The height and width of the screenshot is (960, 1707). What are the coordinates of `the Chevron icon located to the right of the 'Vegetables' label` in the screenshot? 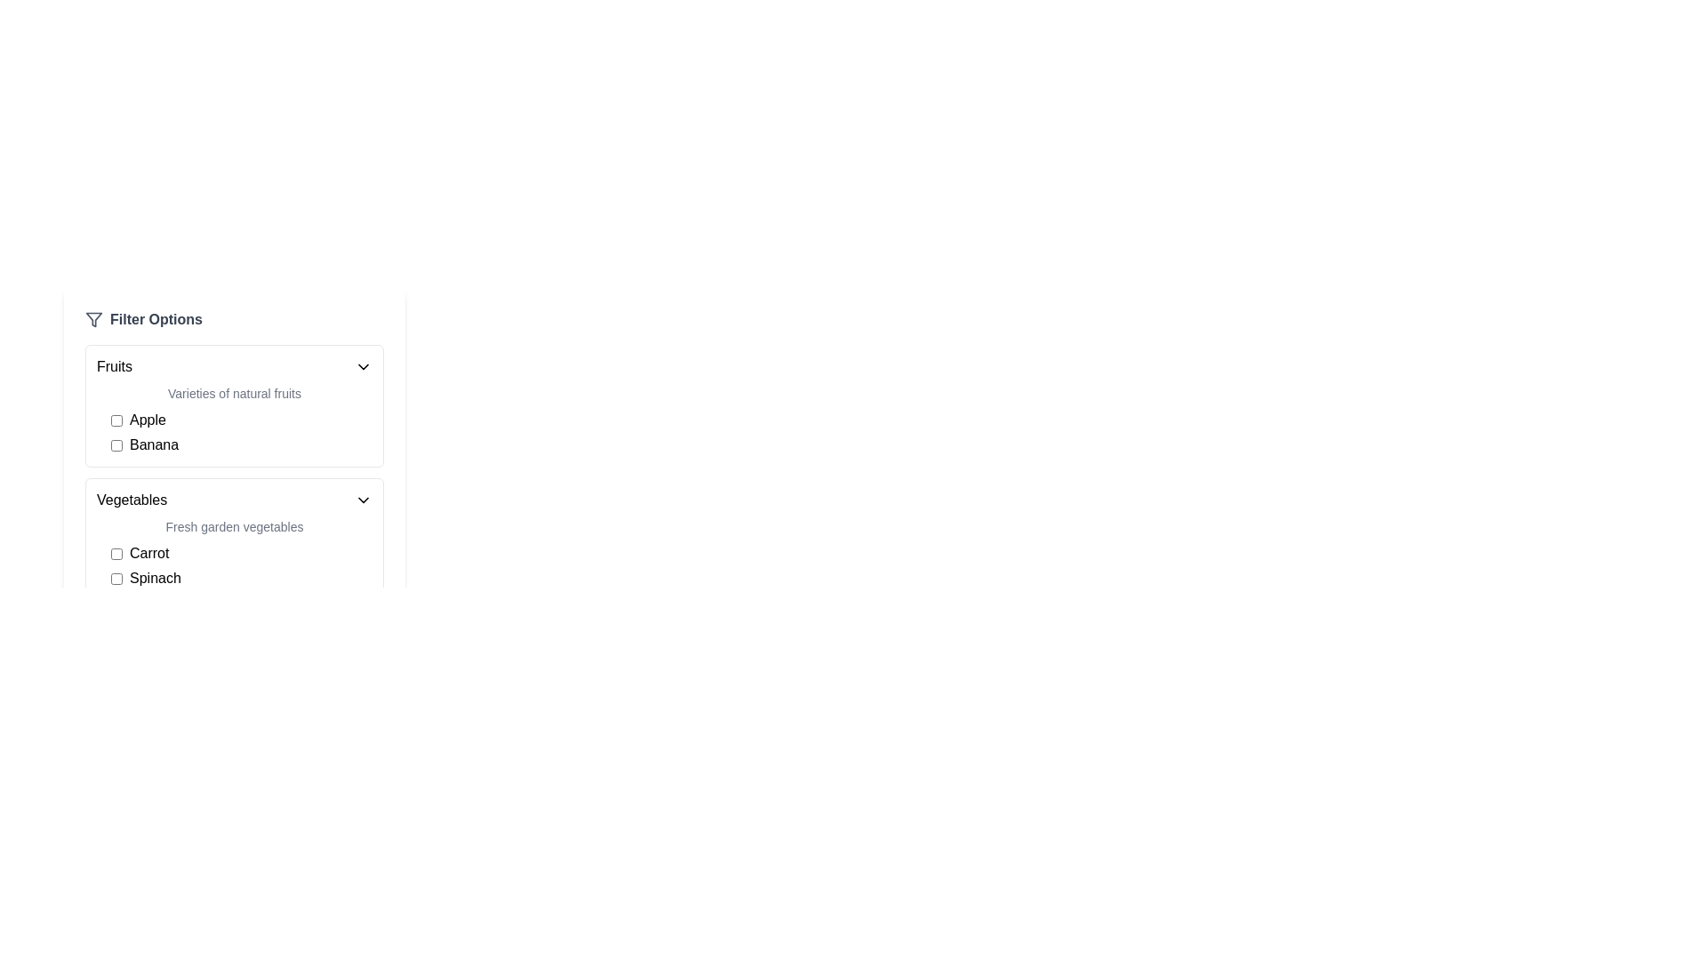 It's located at (362, 500).